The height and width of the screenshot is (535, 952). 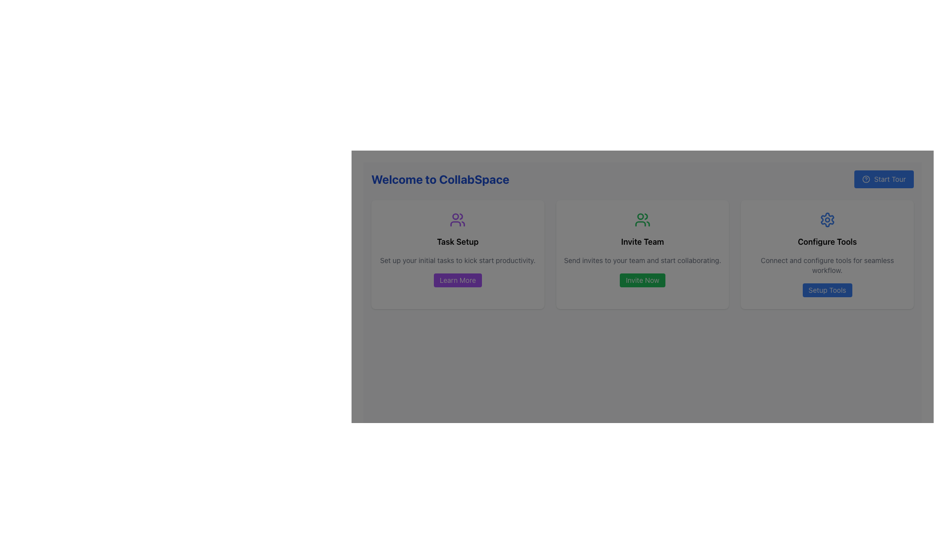 I want to click on the rectangular blue button labeled 'Setup Tools' located in the 'Configure Tools' section, so click(x=827, y=290).